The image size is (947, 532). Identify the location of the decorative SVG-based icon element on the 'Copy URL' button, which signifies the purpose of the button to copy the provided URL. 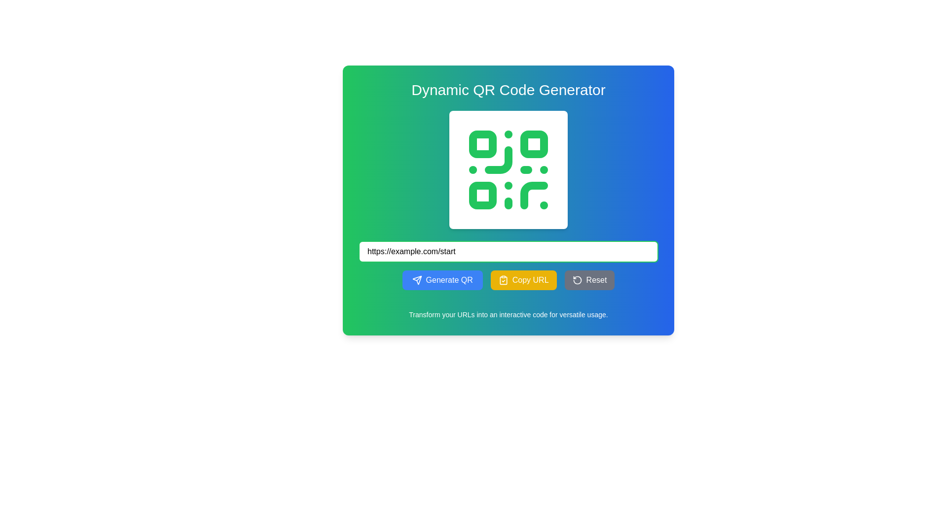
(503, 280).